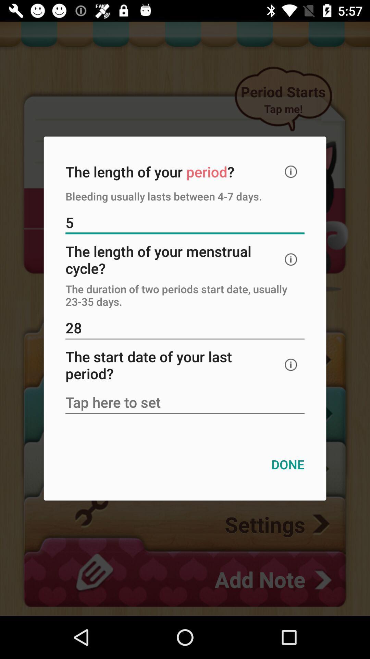 This screenshot has width=370, height=659. What do you see at coordinates (185, 223) in the screenshot?
I see `the item above the the length of item` at bounding box center [185, 223].